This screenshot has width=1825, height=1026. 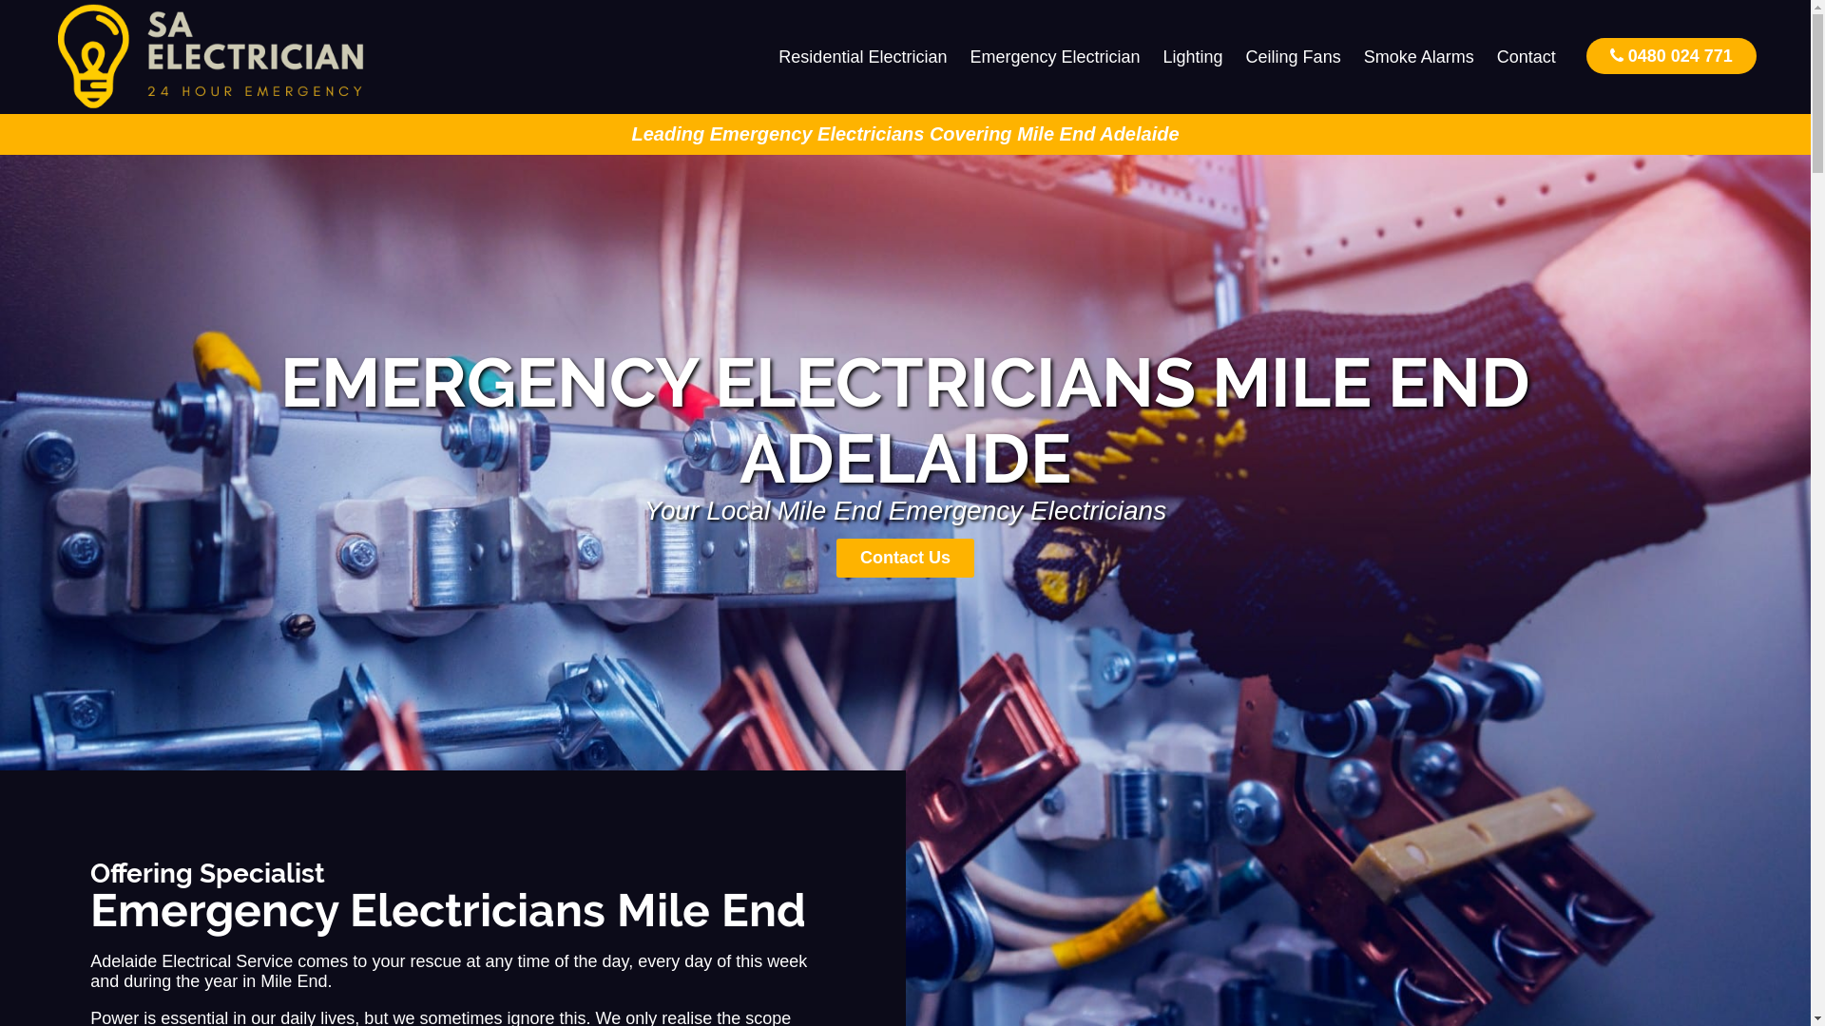 What do you see at coordinates (1527, 56) in the screenshot?
I see `'Contact'` at bounding box center [1527, 56].